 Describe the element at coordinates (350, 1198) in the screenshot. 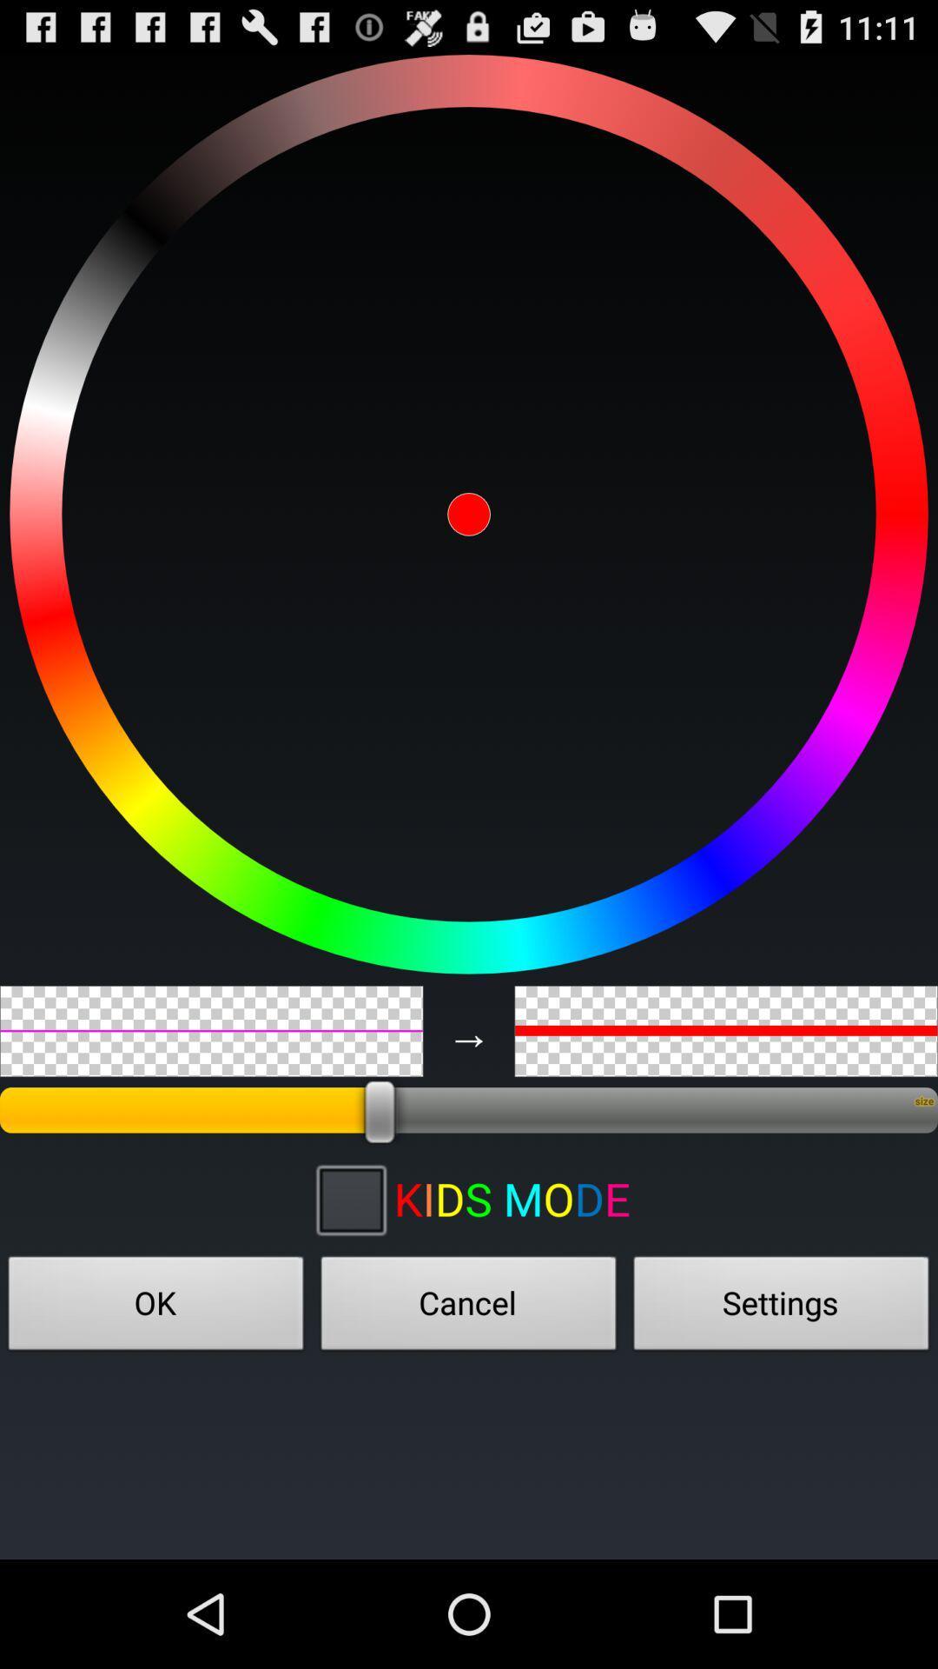

I see `the app to the left of kids mode app` at that location.